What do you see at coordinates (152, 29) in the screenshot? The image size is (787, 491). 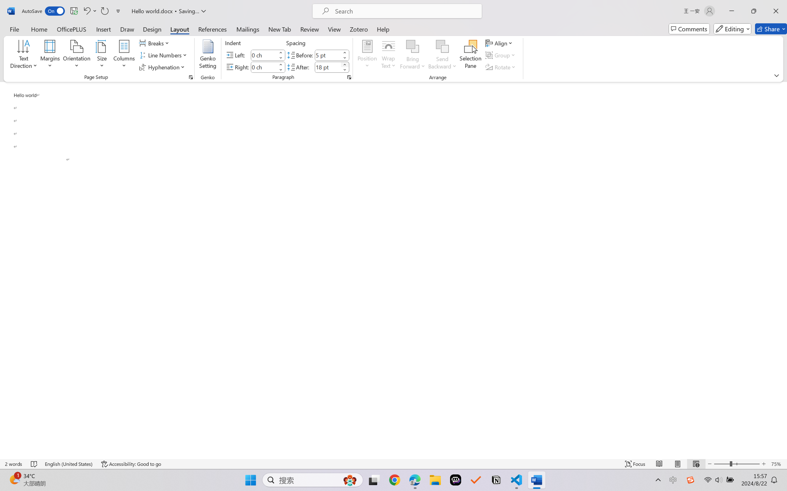 I see `'Design'` at bounding box center [152, 29].